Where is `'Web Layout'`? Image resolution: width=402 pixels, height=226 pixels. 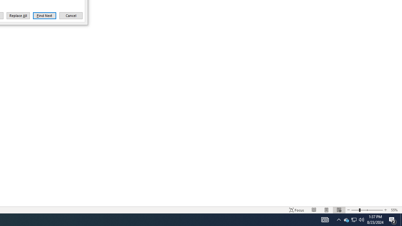
'Web Layout' is located at coordinates (339, 210).